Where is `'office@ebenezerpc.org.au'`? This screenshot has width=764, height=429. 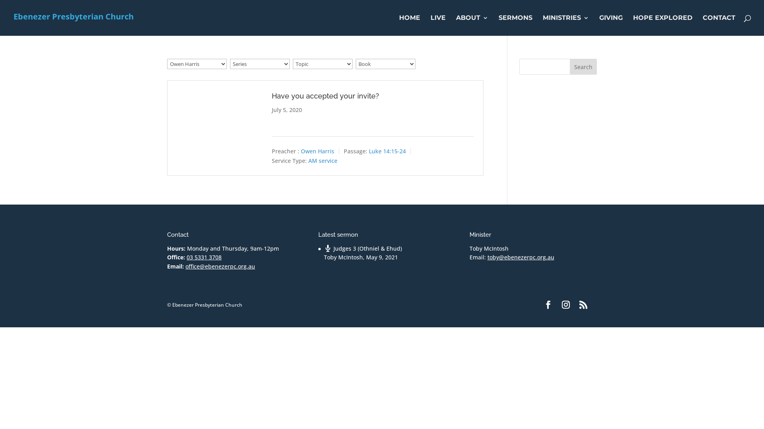
'office@ebenezerpc.org.au' is located at coordinates (220, 266).